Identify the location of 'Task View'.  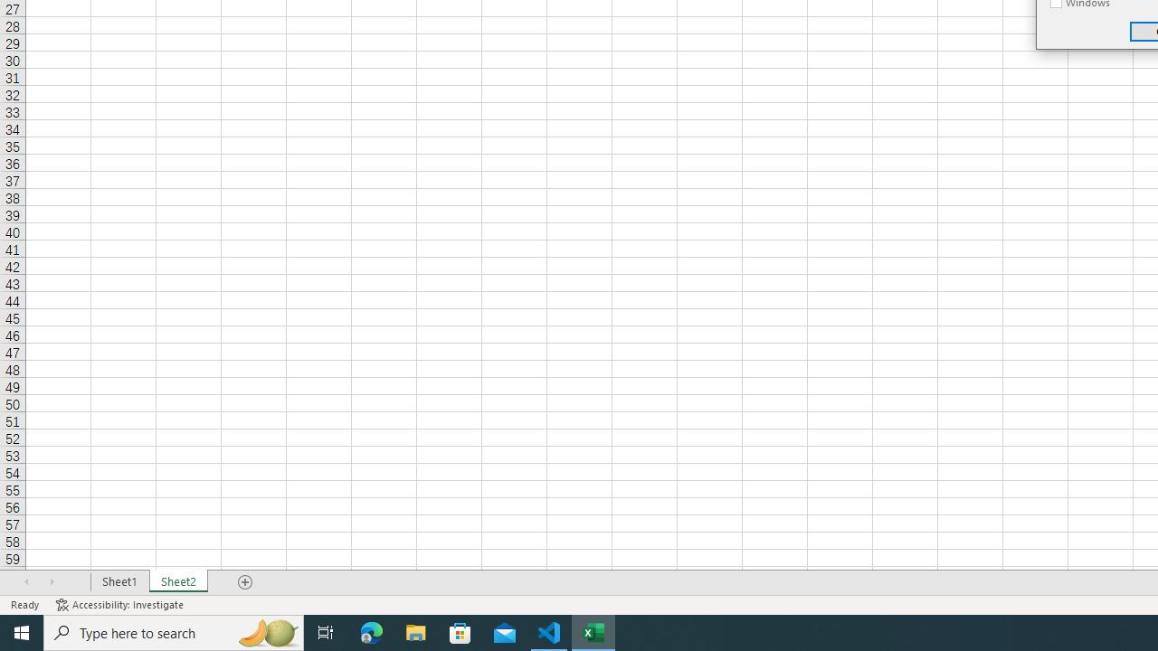
(325, 631).